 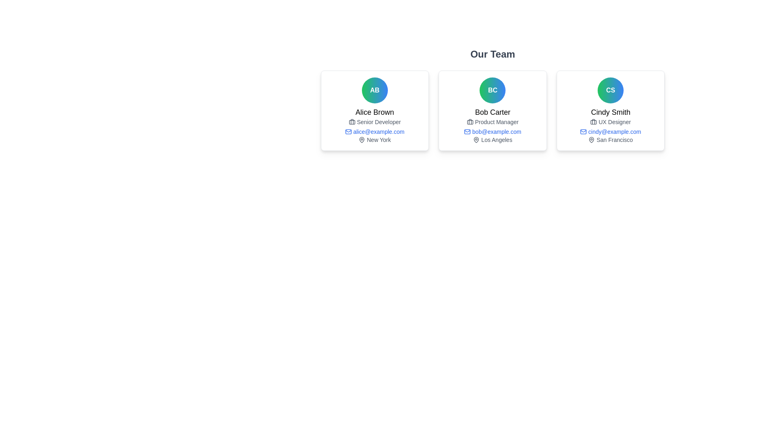 I want to click on the card containing the circular avatar with a green to blue gradient and the initials 'CS', followed by the bold text 'Cindy Smith'. This card is the third one from the left in the grid layout, so click(x=611, y=111).